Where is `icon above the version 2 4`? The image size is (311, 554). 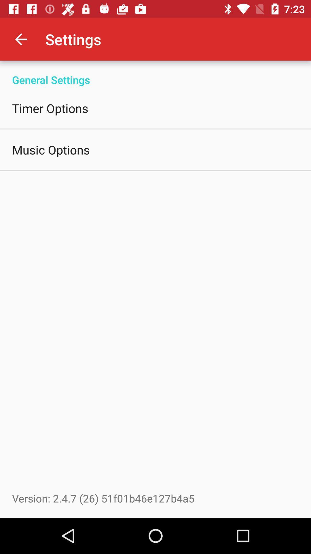
icon above the version 2 4 is located at coordinates (51, 149).